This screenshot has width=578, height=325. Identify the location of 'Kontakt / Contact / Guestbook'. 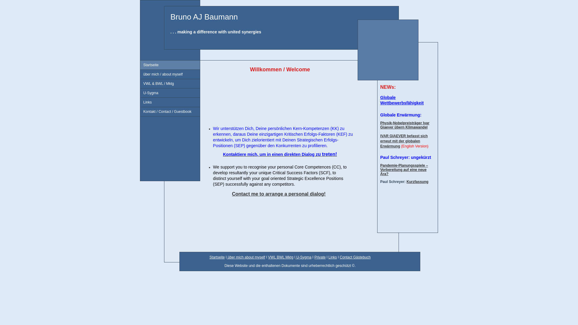
(140, 112).